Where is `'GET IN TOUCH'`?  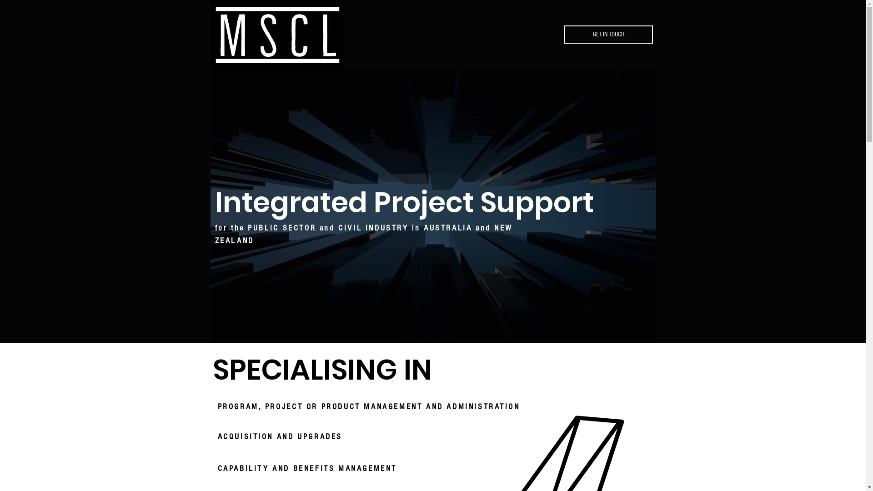
'GET IN TOUCH' is located at coordinates (608, 34).